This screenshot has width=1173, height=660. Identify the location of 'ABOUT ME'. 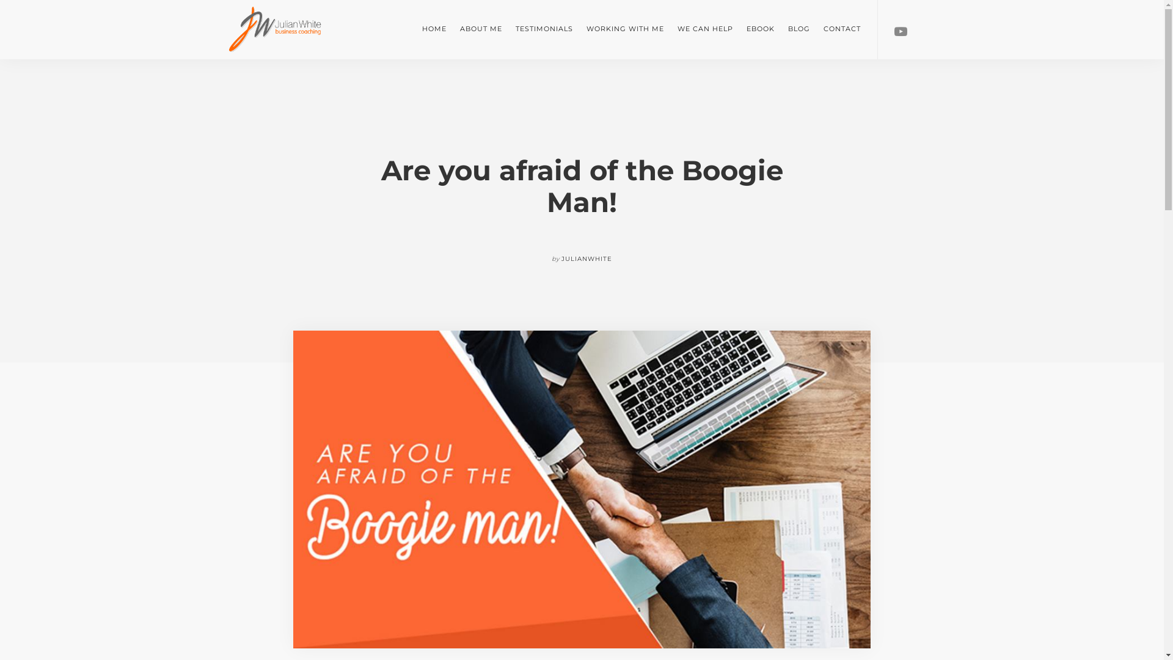
(480, 28).